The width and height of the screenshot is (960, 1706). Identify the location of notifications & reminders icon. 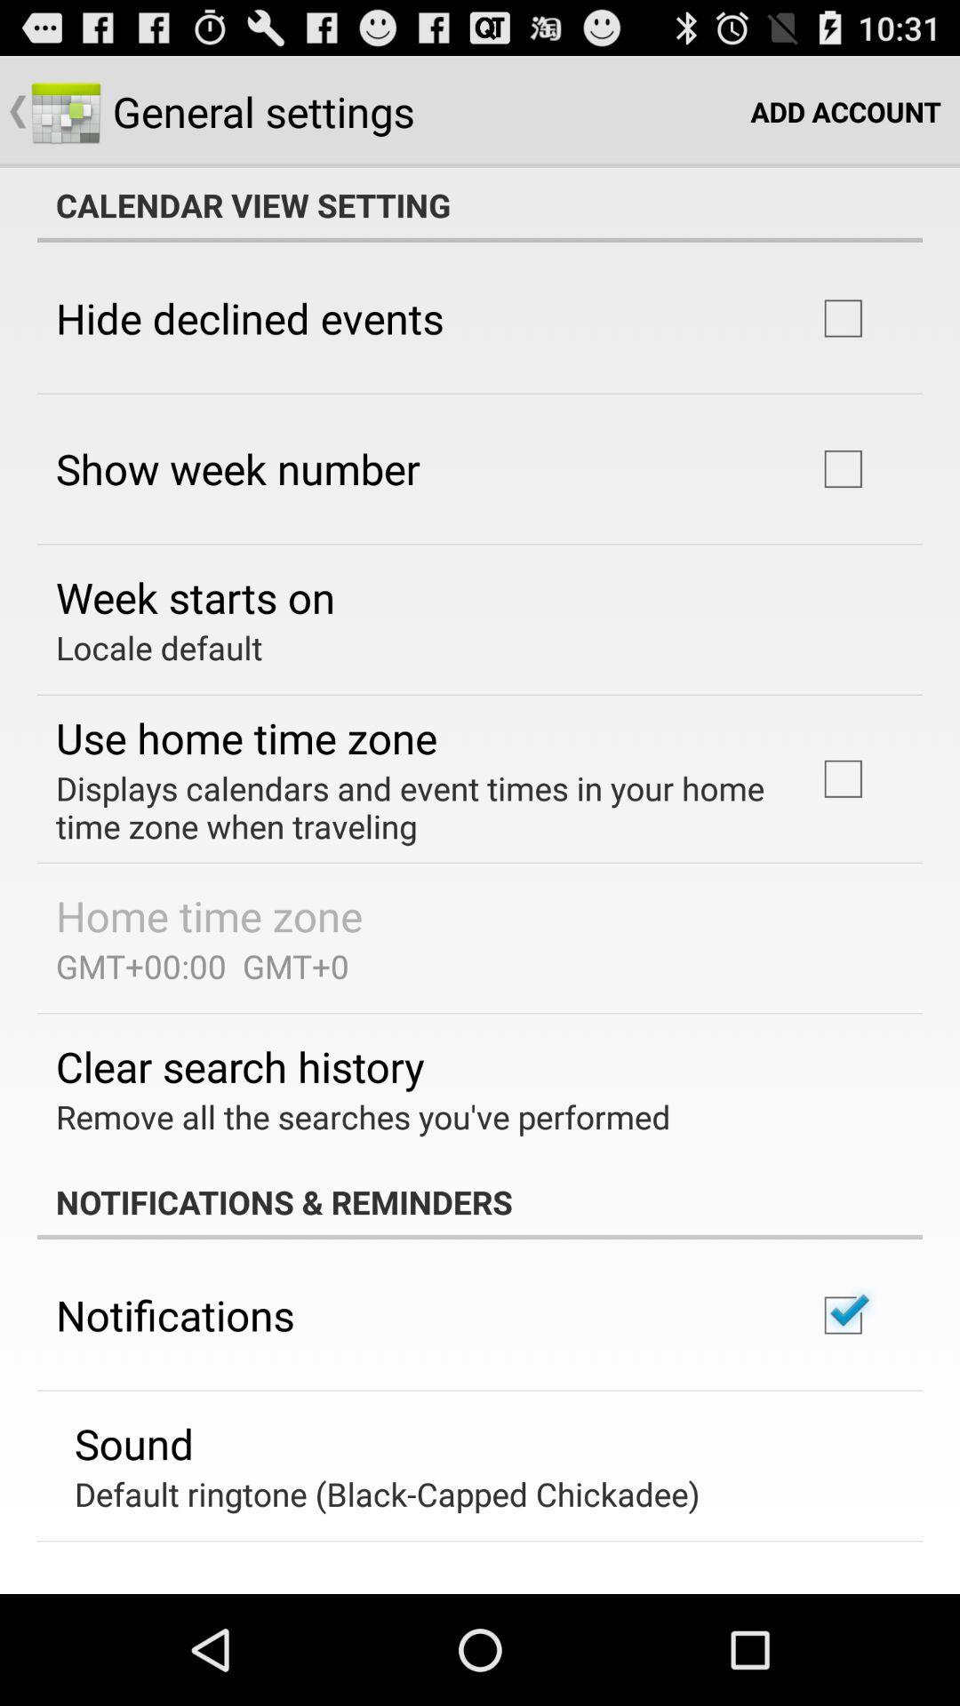
(480, 1202).